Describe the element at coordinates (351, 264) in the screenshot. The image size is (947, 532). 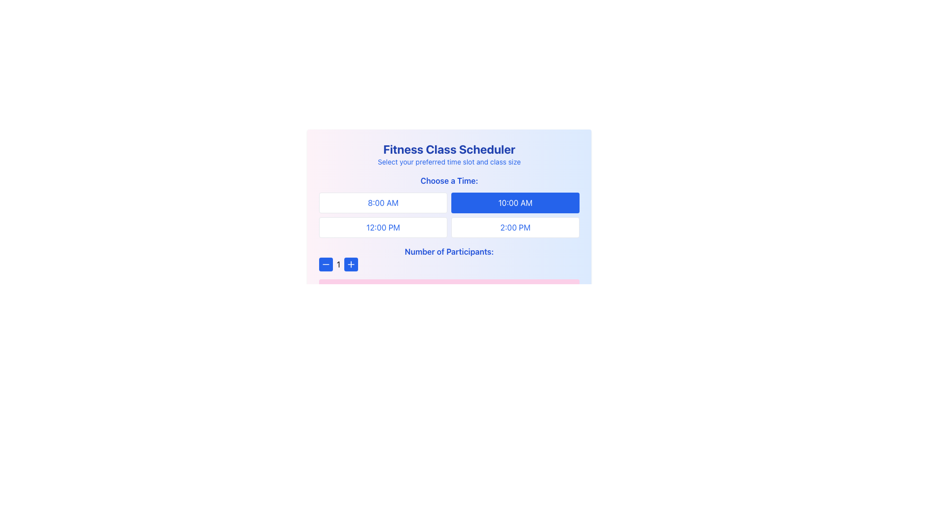
I see `the increment button located at the bottom left of the fitness scheduler interface, which is positioned to the right of the decrement control, to increase the participant count by one` at that location.